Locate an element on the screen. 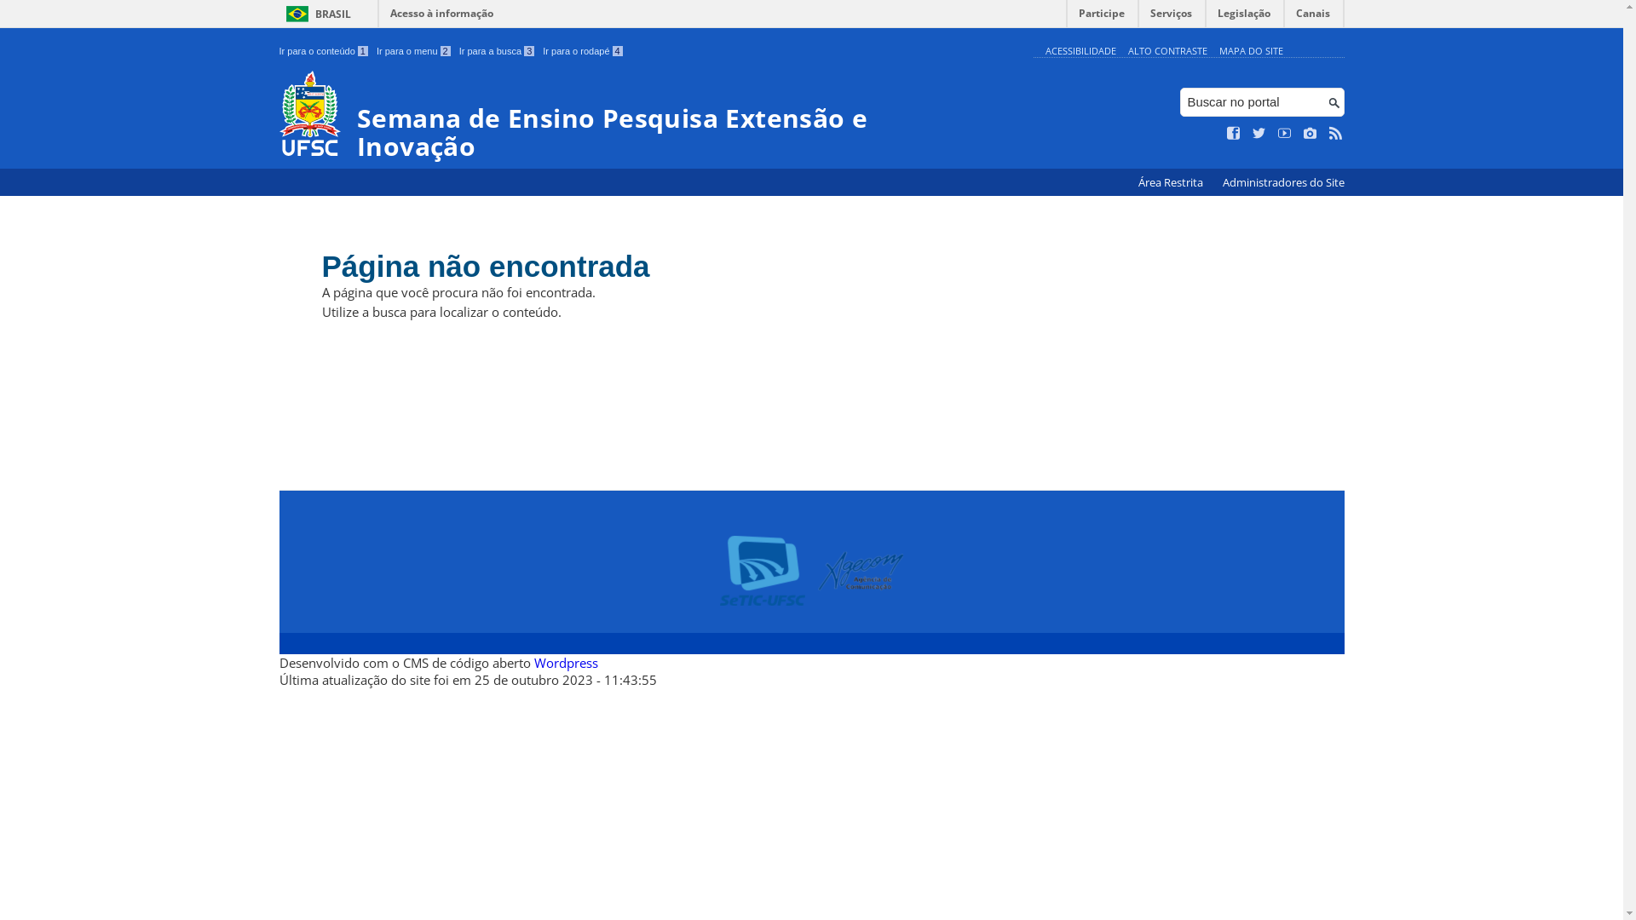 The height and width of the screenshot is (920, 1636). 'Veja no Instagram' is located at coordinates (1309, 133).